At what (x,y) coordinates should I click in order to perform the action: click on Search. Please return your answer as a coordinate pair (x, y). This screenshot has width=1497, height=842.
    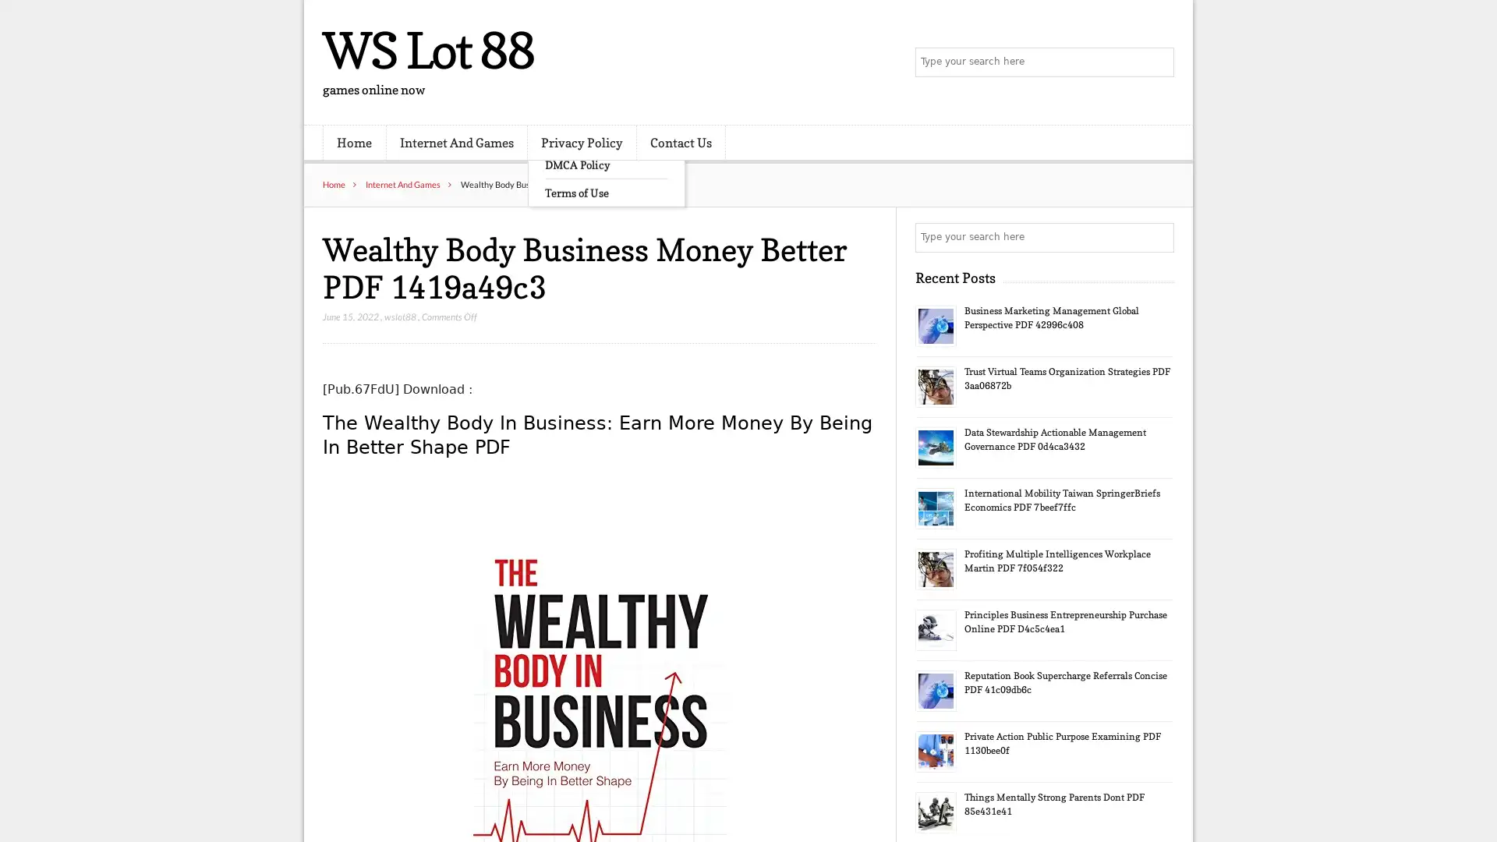
    Looking at the image, I should click on (1158, 237).